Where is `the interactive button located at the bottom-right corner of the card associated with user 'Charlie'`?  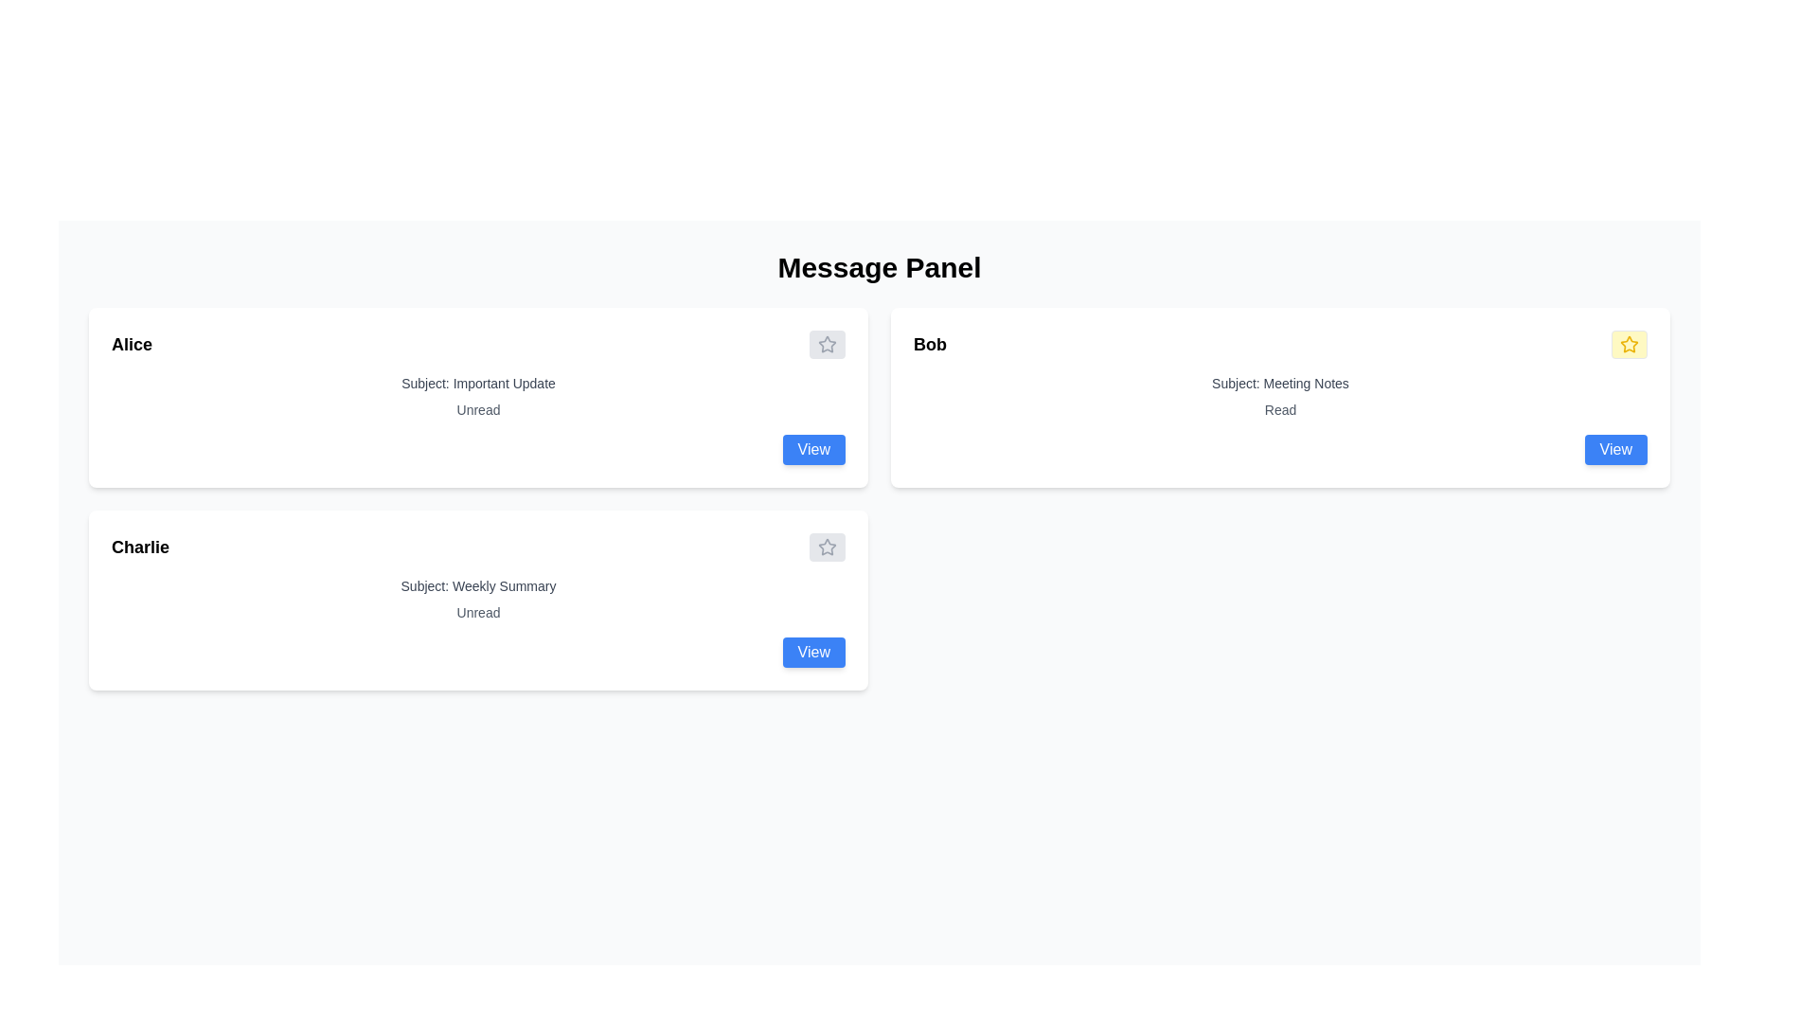 the interactive button located at the bottom-right corner of the card associated with user 'Charlie' is located at coordinates (813, 652).